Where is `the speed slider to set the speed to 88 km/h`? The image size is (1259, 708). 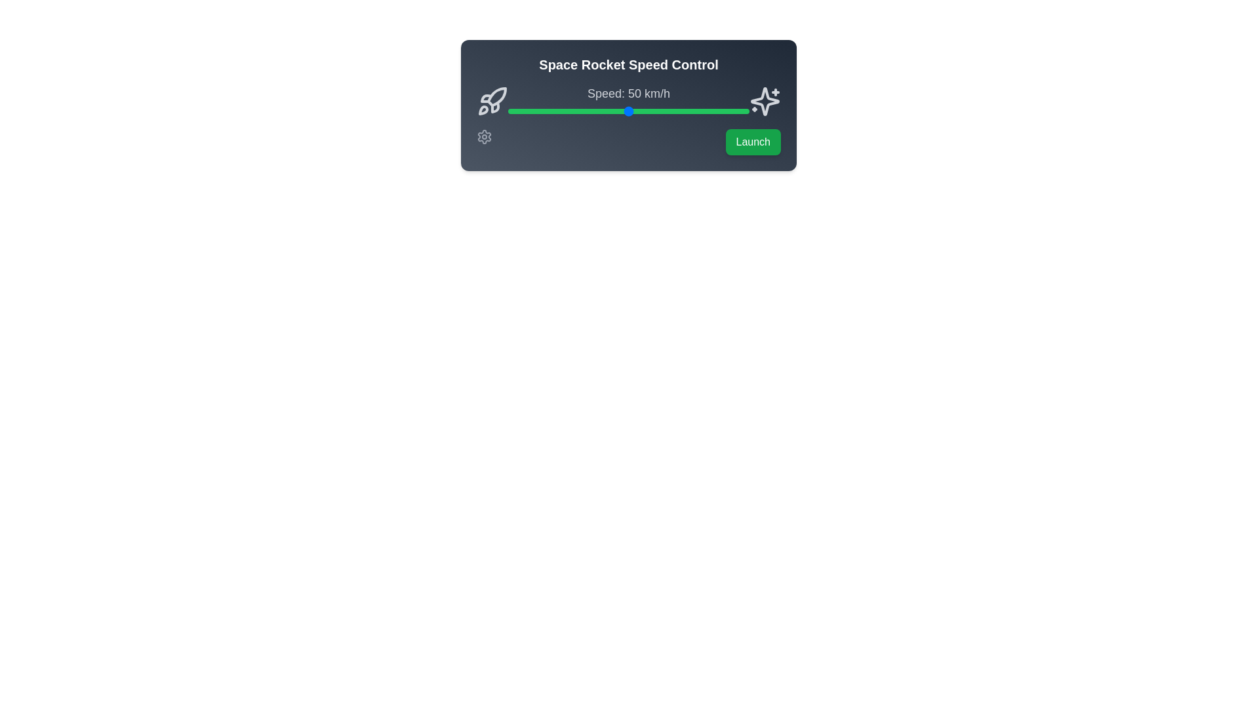
the speed slider to set the speed to 88 km/h is located at coordinates (719, 110).